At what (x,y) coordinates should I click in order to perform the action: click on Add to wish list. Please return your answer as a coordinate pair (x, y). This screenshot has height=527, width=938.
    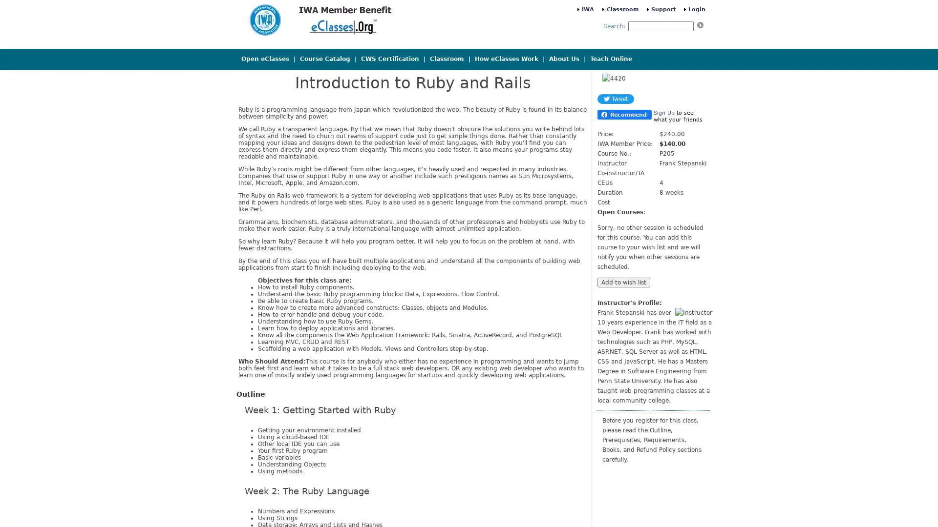
    Looking at the image, I should click on (623, 282).